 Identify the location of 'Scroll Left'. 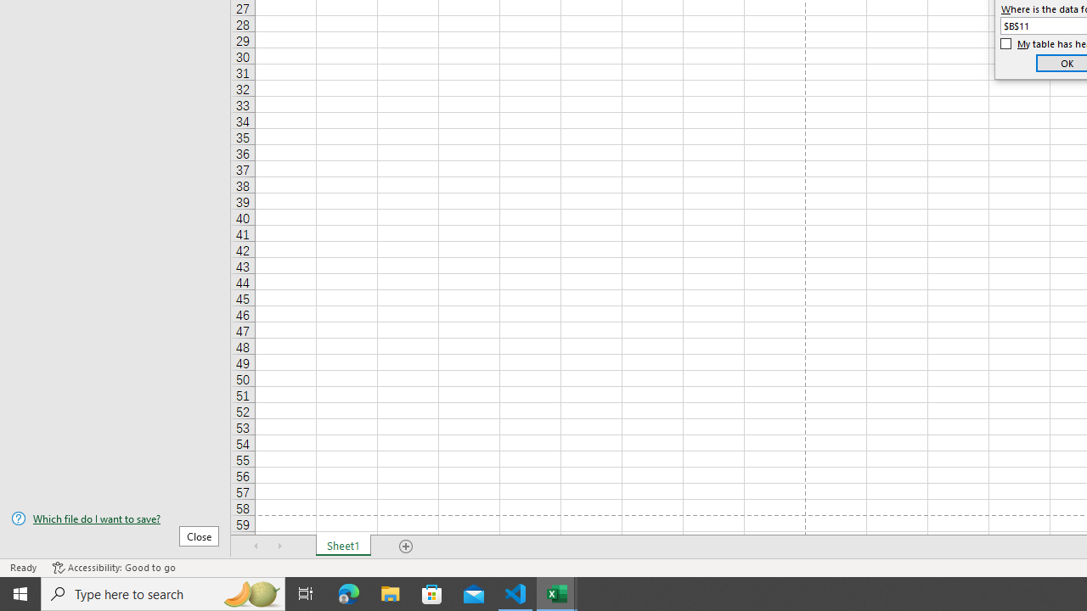
(256, 547).